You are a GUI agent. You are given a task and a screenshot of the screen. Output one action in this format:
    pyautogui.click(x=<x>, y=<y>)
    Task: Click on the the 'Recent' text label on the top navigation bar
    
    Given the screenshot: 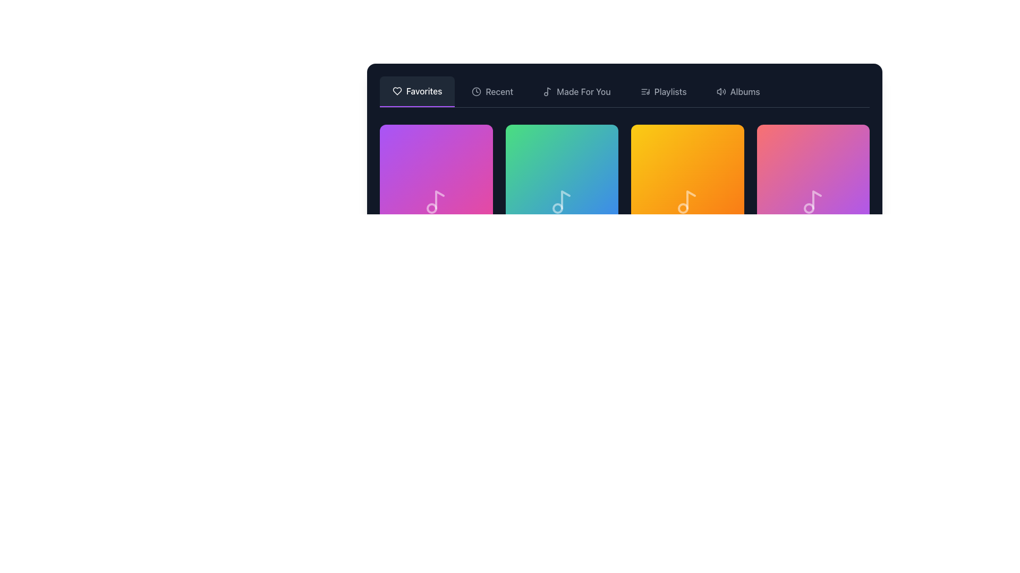 What is the action you would take?
    pyautogui.click(x=499, y=91)
    